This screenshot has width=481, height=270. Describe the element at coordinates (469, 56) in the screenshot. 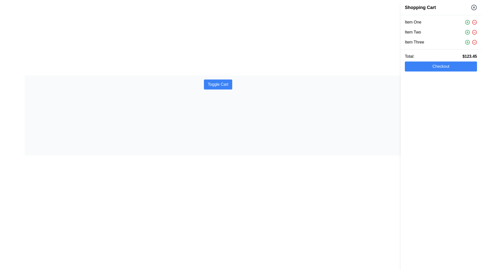

I see `the static text displaying the total amount of items in the shopping cart, located on the 'Total:' line, positioned above the 'Checkout' button` at that location.